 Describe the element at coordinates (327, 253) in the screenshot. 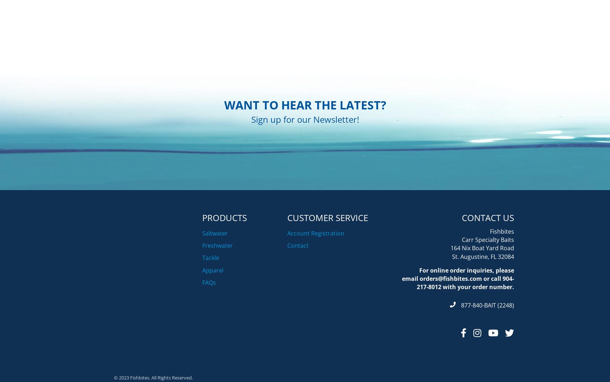

I see `'Customer Service'` at that location.